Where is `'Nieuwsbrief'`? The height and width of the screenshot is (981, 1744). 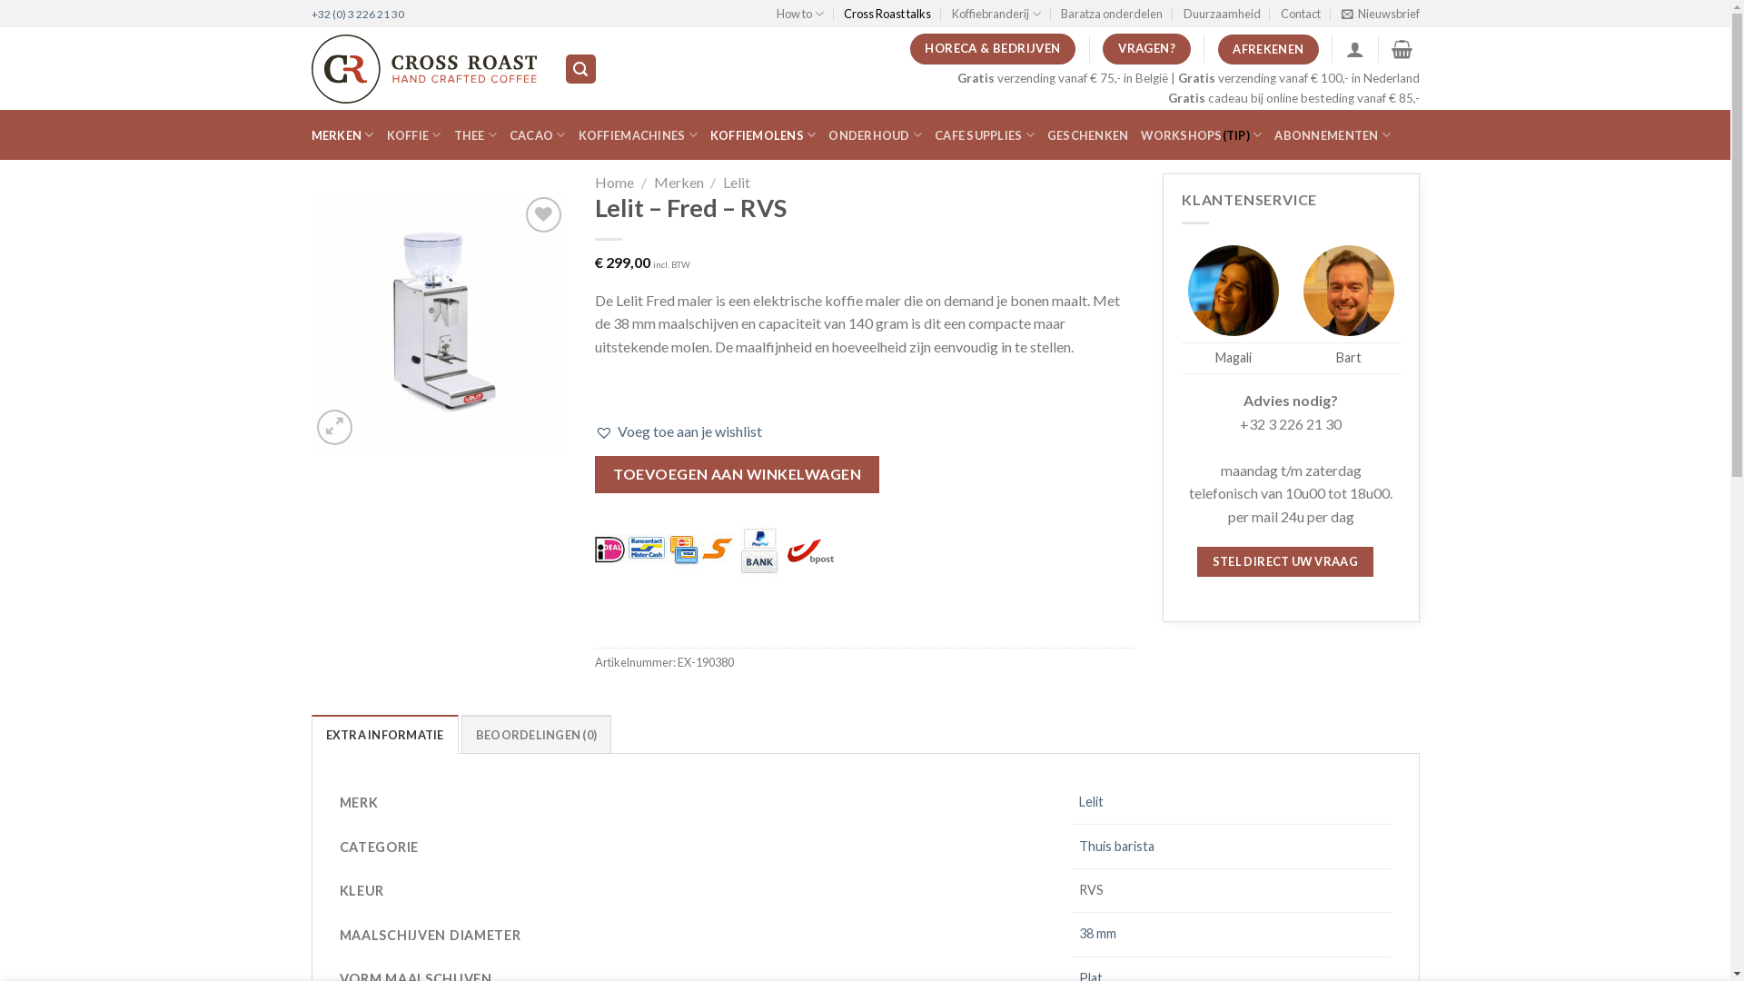
'Nieuwsbrief' is located at coordinates (1379, 14).